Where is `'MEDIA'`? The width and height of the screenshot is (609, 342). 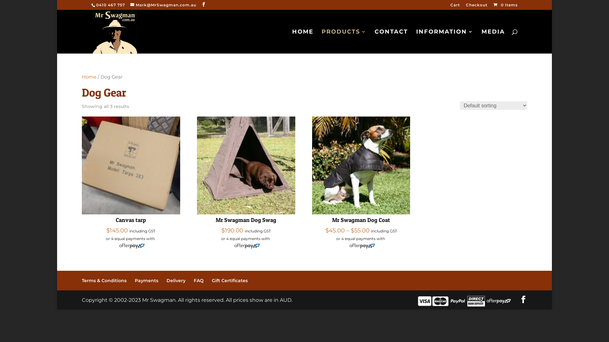
'MEDIA' is located at coordinates (481, 41).